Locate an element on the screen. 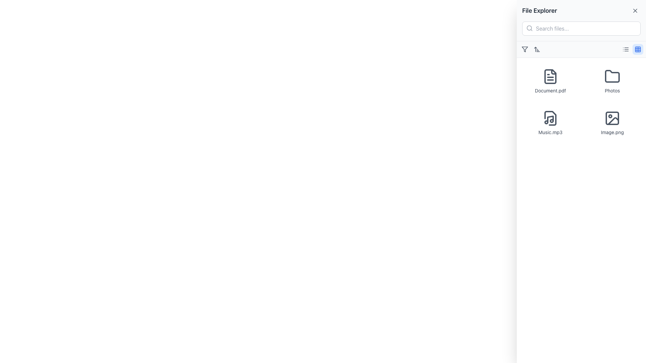 Image resolution: width=646 pixels, height=363 pixels. the close button located at the top-right corner of the 'File Explorer' header section is located at coordinates (635, 10).